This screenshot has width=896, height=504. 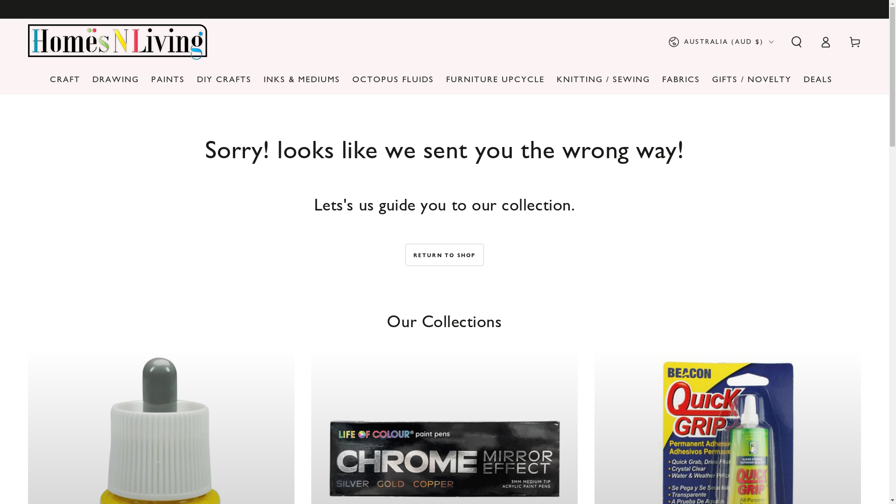 What do you see at coordinates (720, 42) in the screenshot?
I see `'AUSTRALIA (AUD $)'` at bounding box center [720, 42].